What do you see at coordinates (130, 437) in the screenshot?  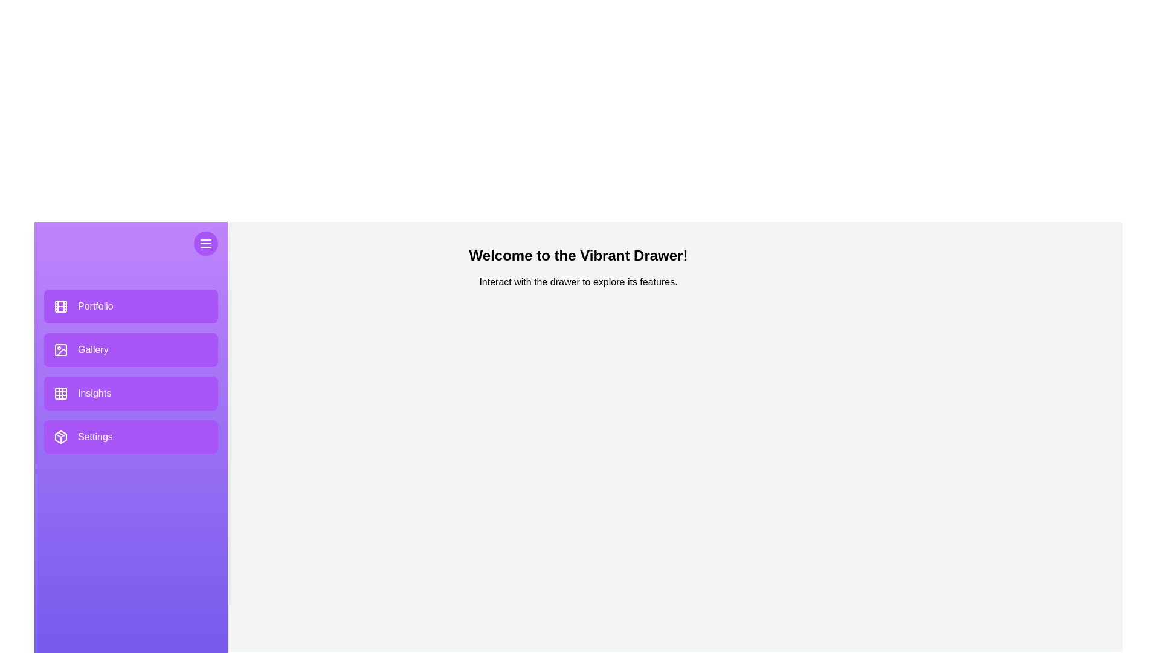 I see `the 'Settings' button to navigate to its section` at bounding box center [130, 437].